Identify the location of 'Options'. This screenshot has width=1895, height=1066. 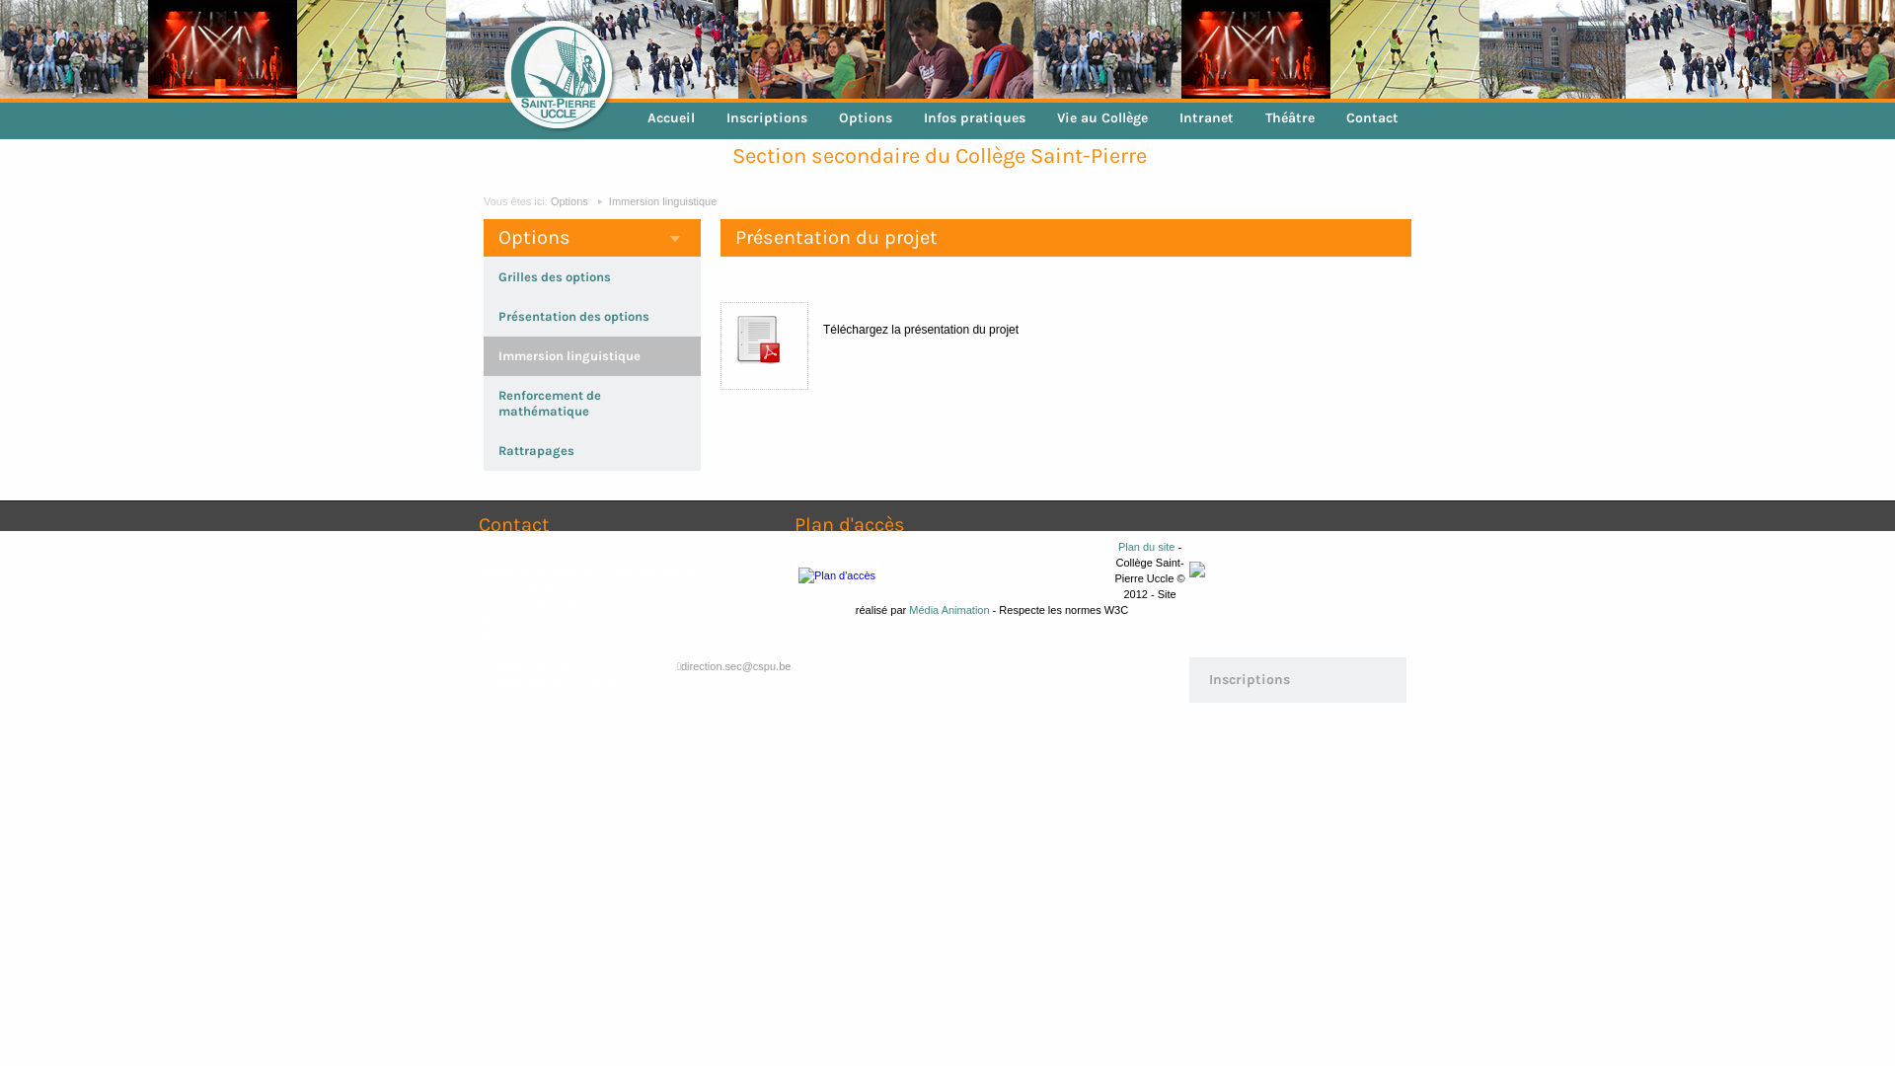
(568, 201).